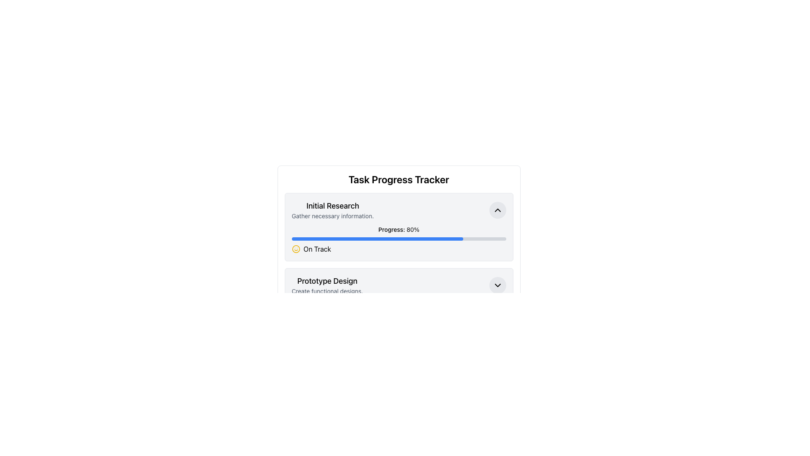 Image resolution: width=810 pixels, height=456 pixels. I want to click on information displayed on the text label that shows 'Progress: 80%', located above the blue progress bar in the 'Initial Research' section, so click(398, 229).